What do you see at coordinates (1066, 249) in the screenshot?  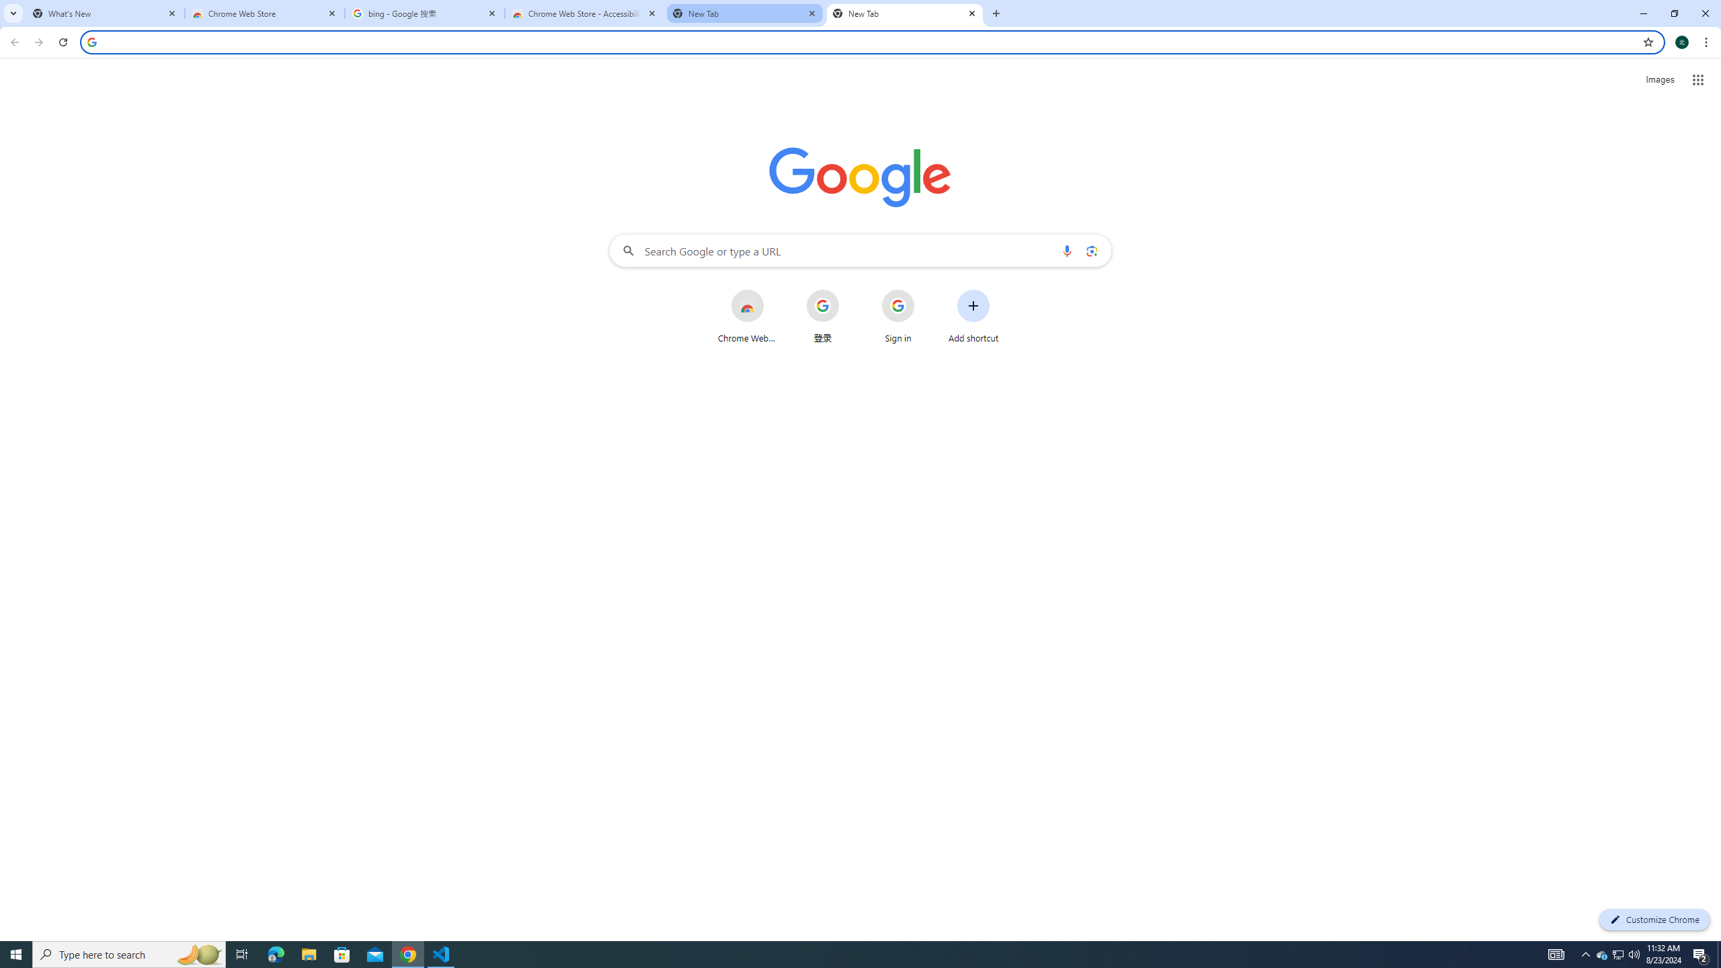 I see `'Search by voice'` at bounding box center [1066, 249].